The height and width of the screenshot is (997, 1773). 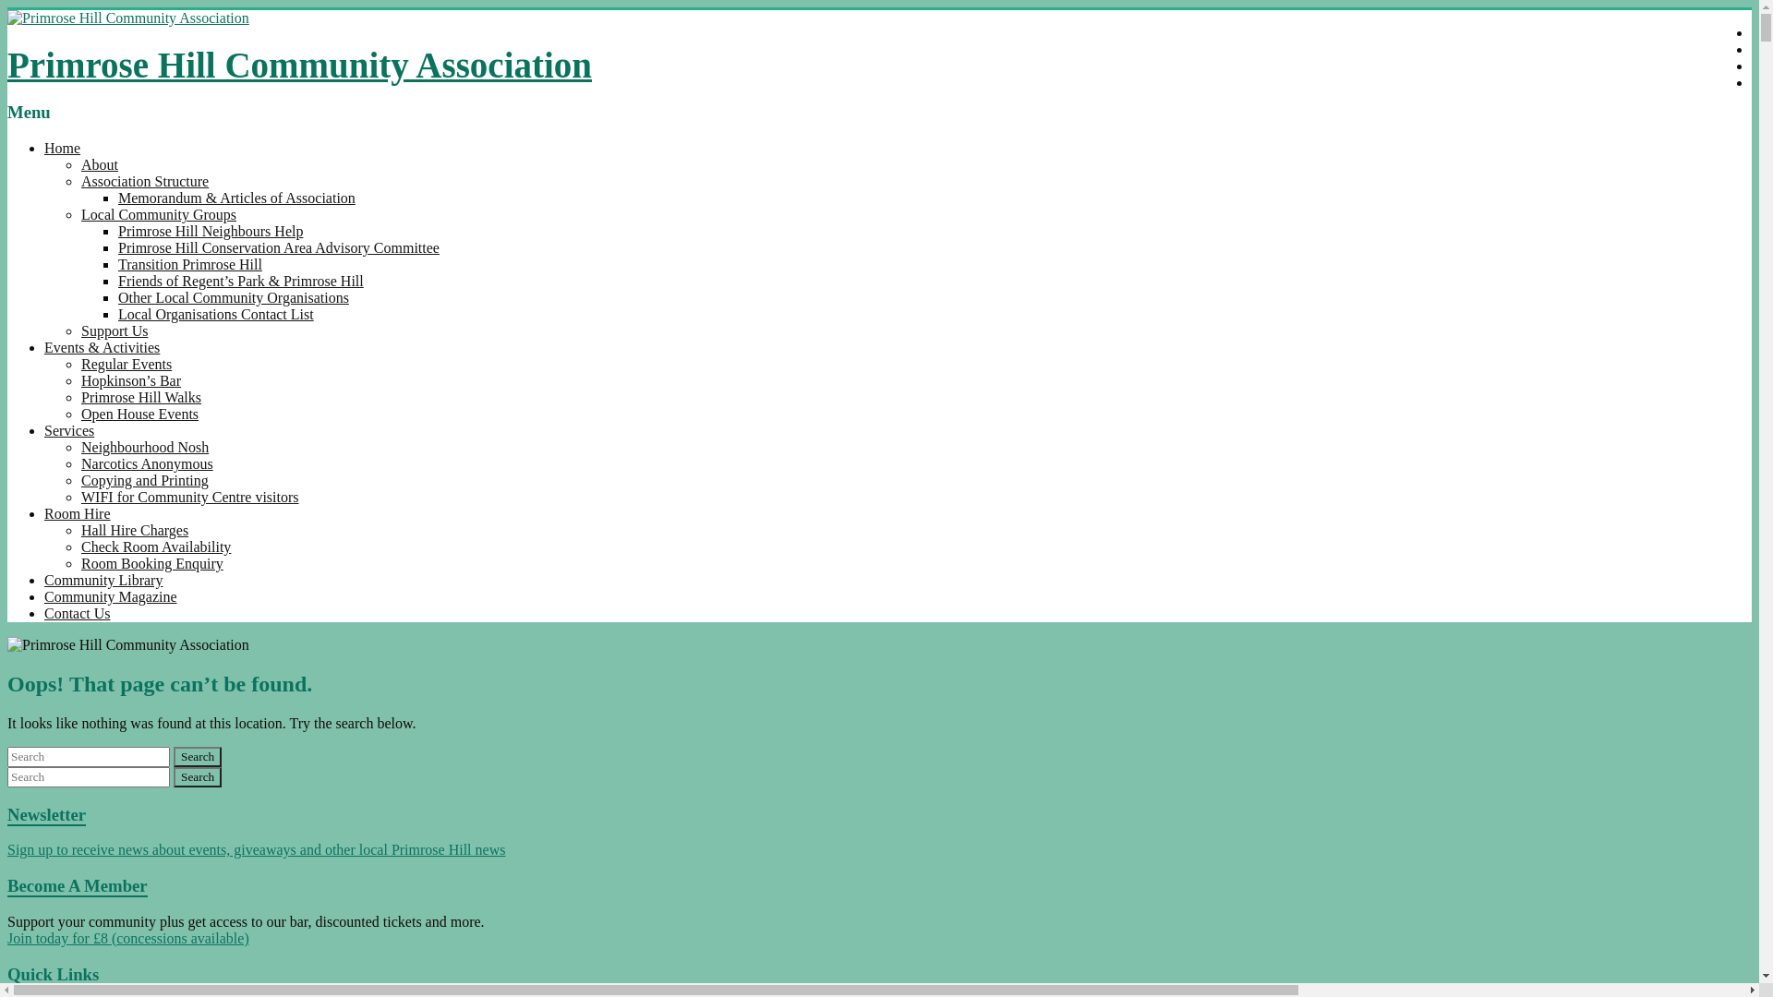 What do you see at coordinates (101, 347) in the screenshot?
I see `'Events & Activities'` at bounding box center [101, 347].